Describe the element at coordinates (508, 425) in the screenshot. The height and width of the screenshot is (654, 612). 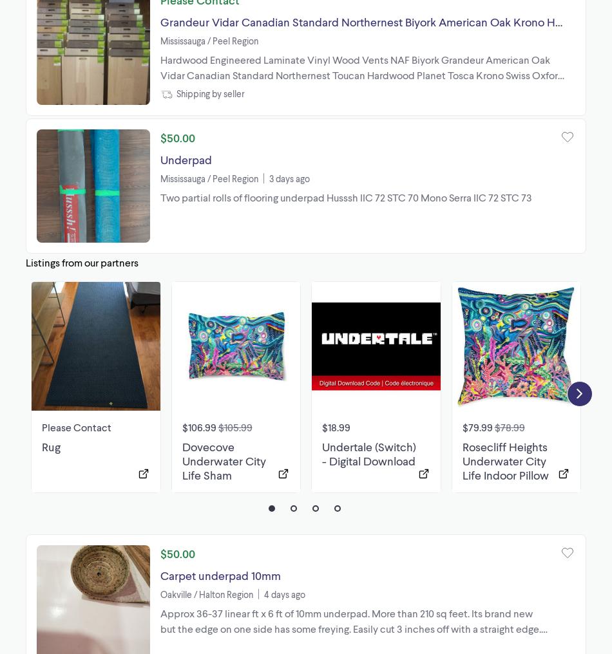
I see `'$78.99'` at that location.